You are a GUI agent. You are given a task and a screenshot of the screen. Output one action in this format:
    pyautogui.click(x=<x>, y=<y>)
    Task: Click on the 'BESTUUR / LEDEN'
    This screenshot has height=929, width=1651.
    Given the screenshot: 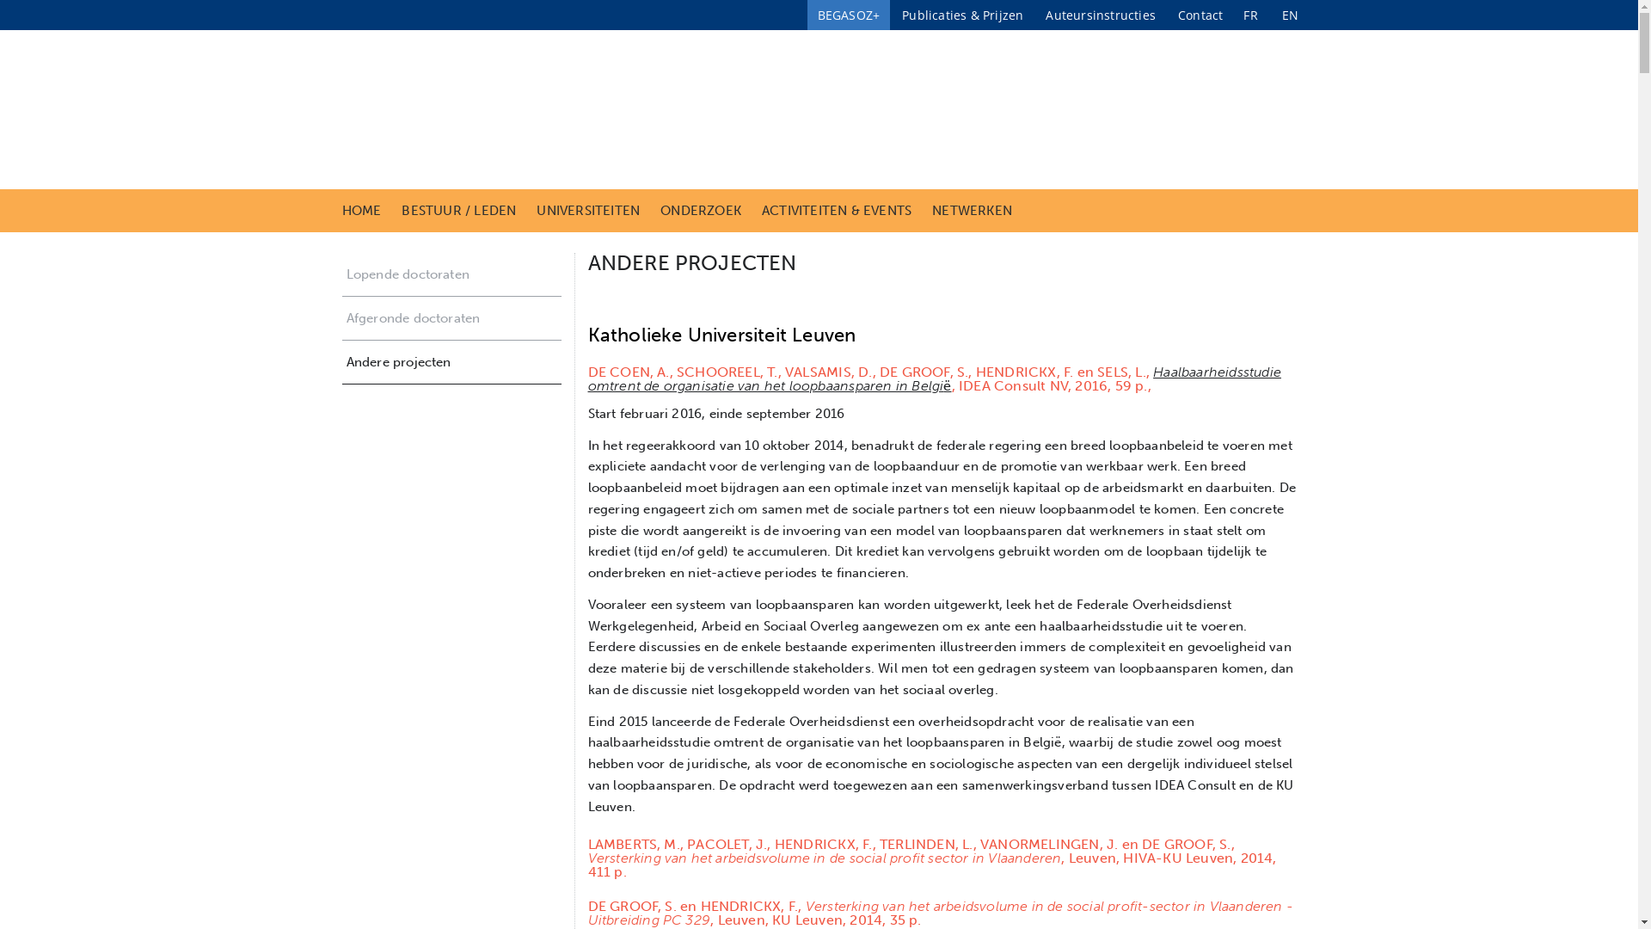 What is the action you would take?
    pyautogui.click(x=458, y=210)
    